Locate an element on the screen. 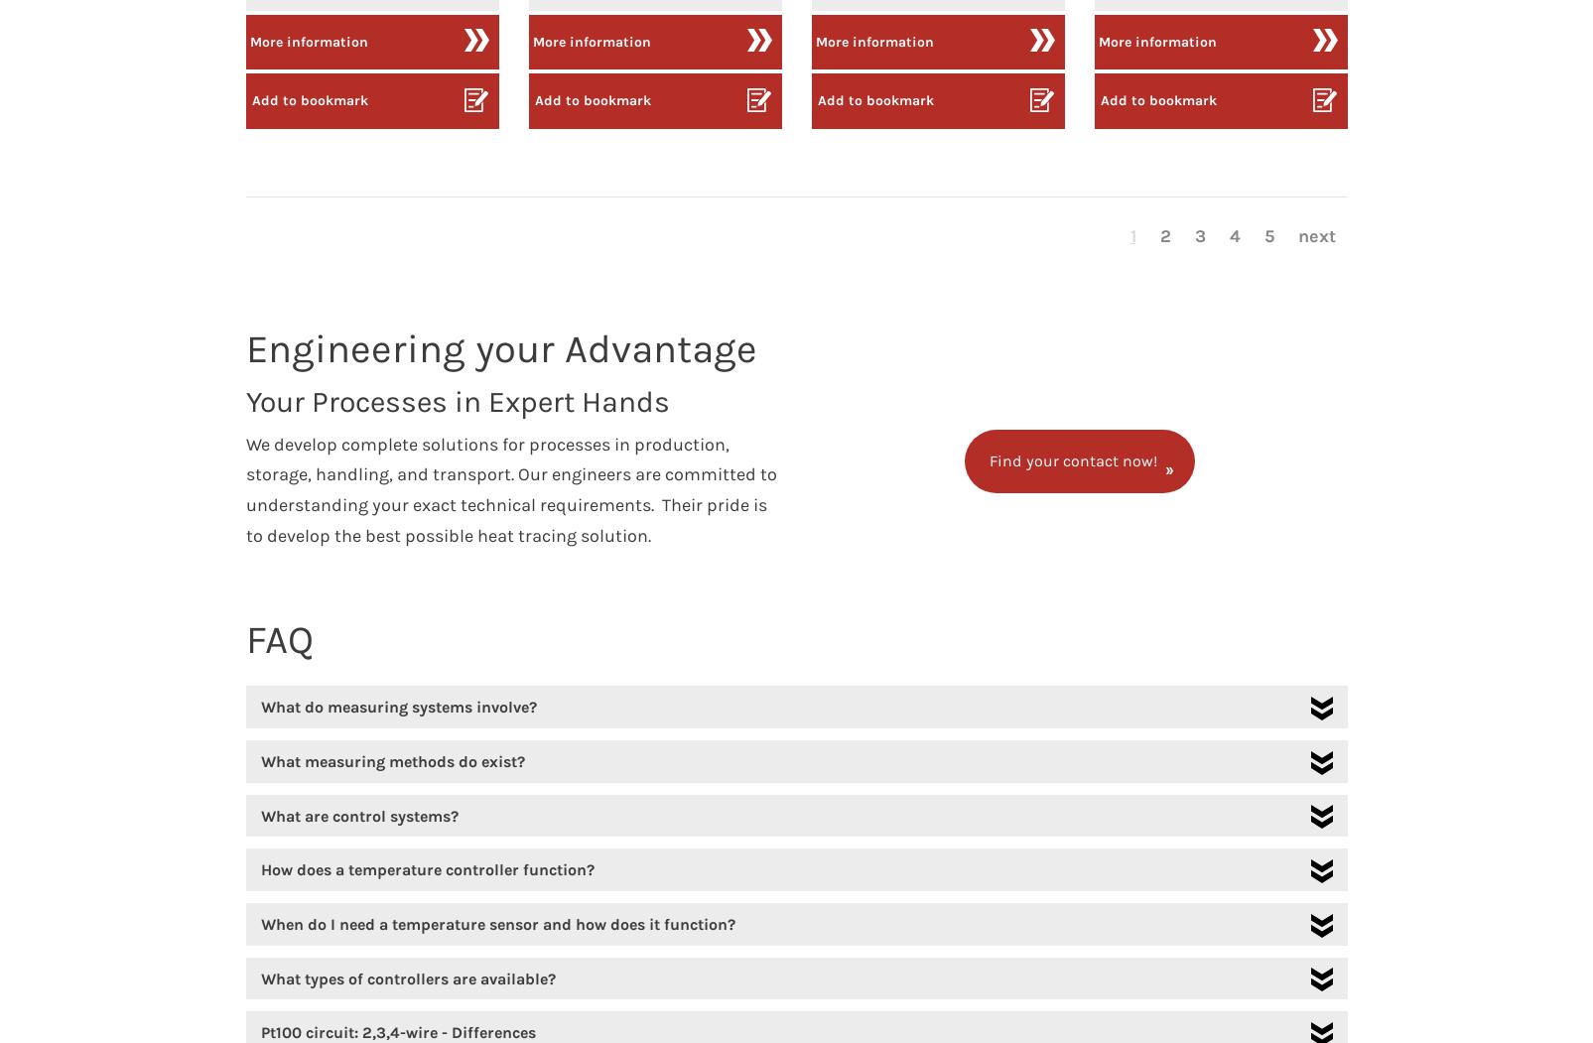 The width and height of the screenshot is (1593, 1043). 'How does a temperature controller function?' is located at coordinates (425, 868).